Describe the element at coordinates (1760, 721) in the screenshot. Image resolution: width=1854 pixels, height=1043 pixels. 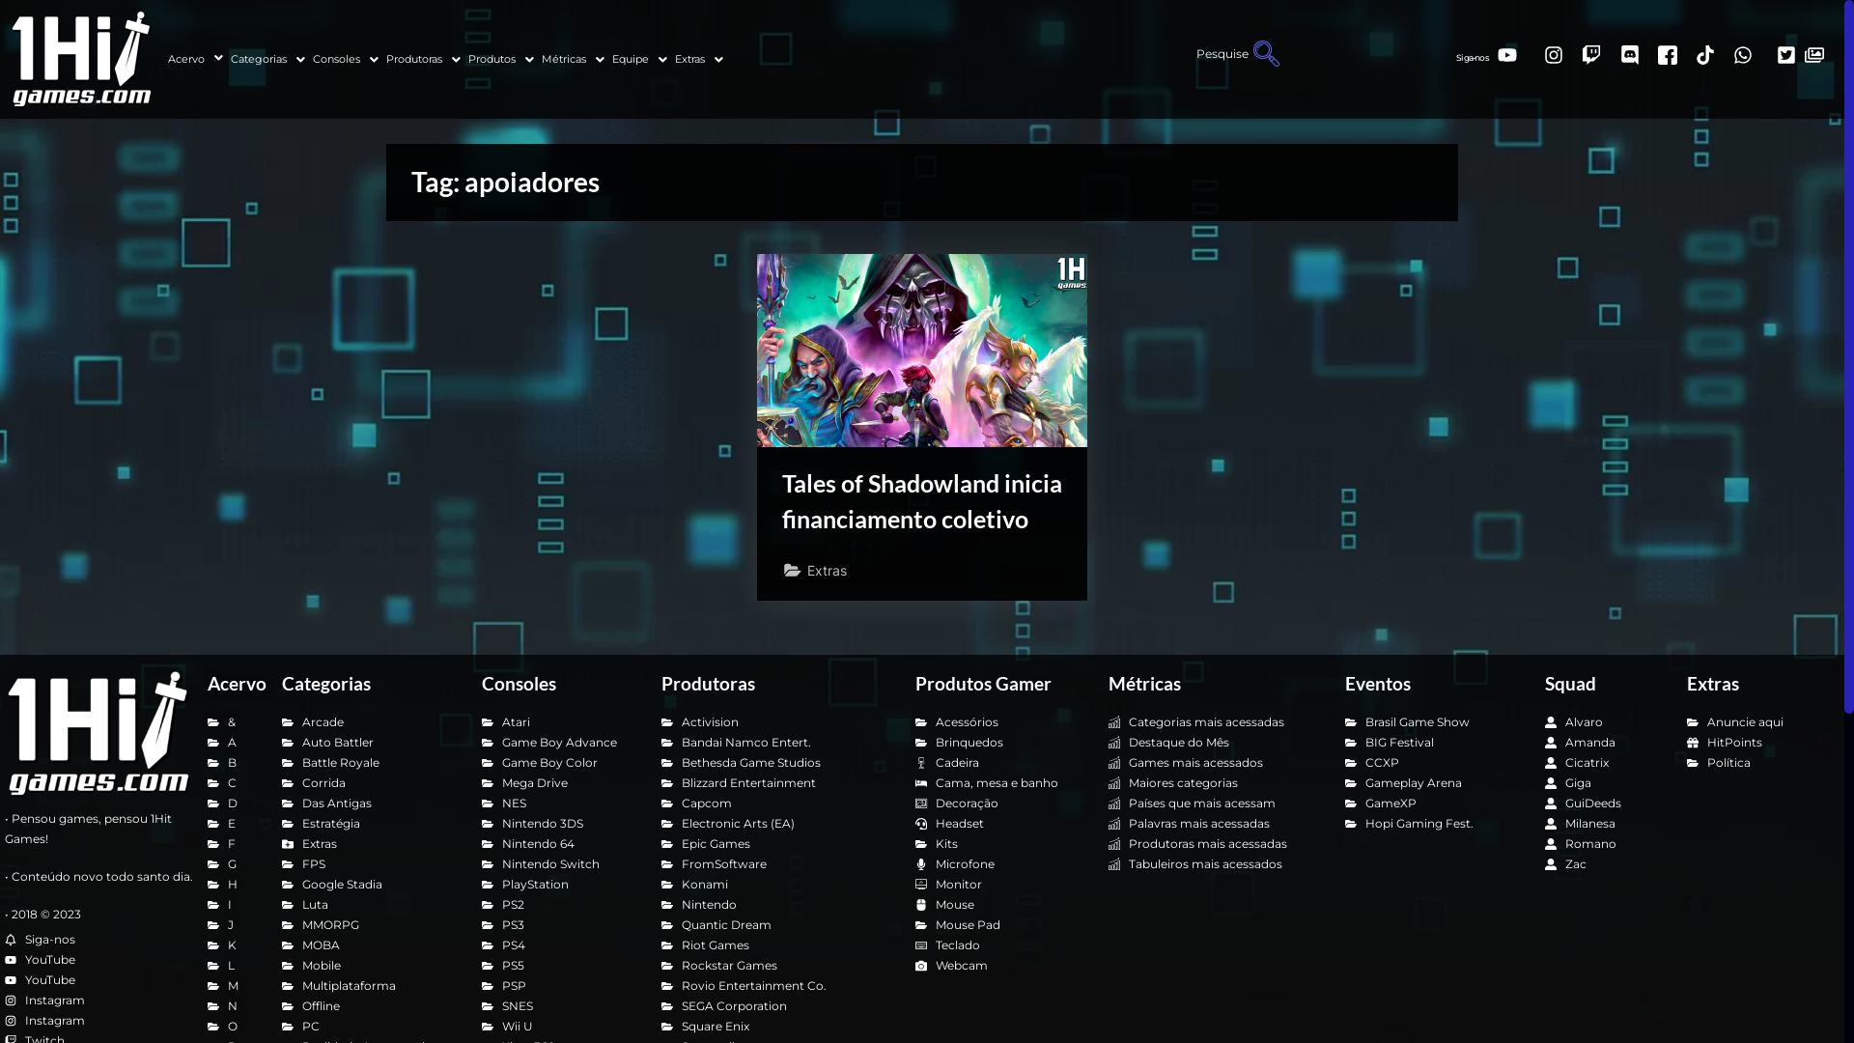
I see `'Anuncie aqui'` at that location.